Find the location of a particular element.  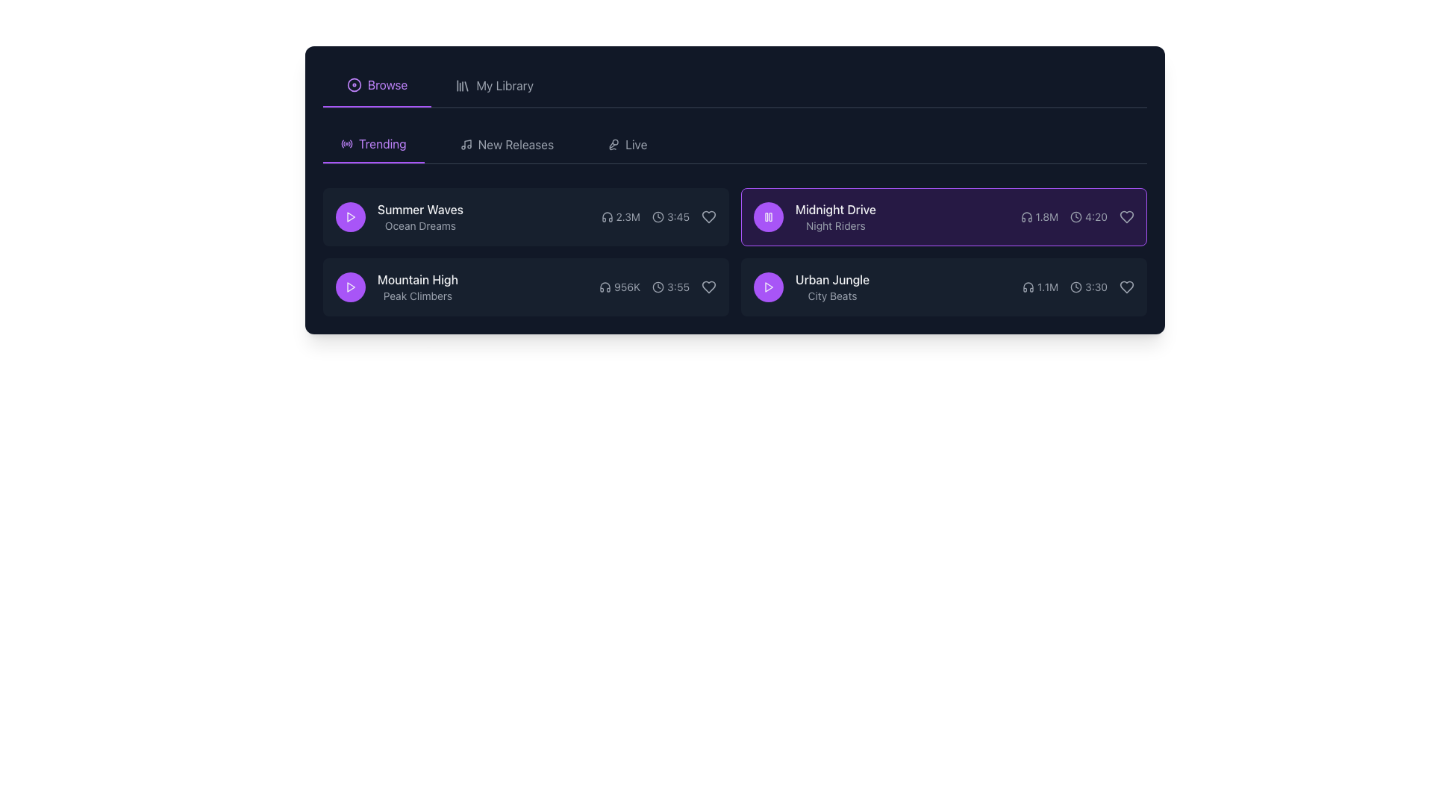

the navigation link that redirects to live content, which is the third item from the left in the navigation bar, to trigger a style change is located at coordinates (627, 144).